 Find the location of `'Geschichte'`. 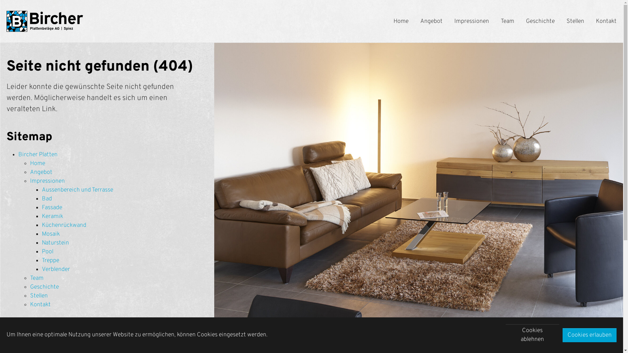

'Geschichte' is located at coordinates (44, 287).